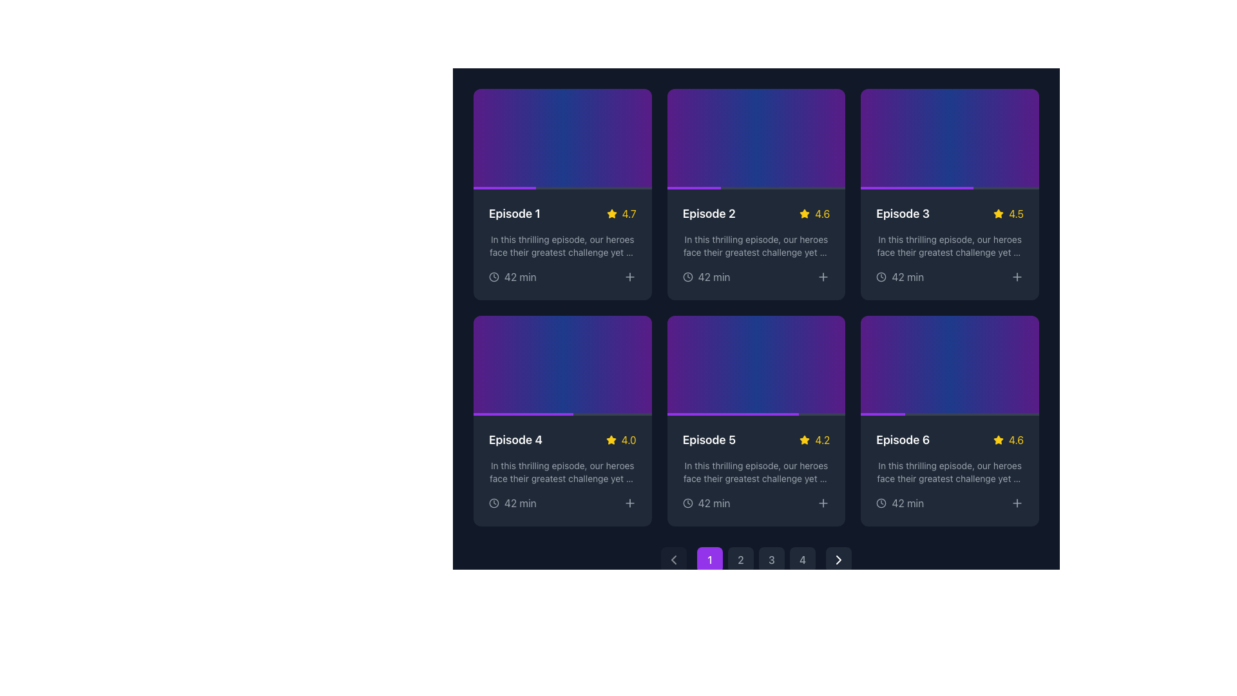  Describe the element at coordinates (804, 439) in the screenshot. I see `star icon representing the rating mechanism for 'Episode 5', located in the middle row and second column of a 2x3 grid layout, positioned adjacent to the text '4.2'` at that location.